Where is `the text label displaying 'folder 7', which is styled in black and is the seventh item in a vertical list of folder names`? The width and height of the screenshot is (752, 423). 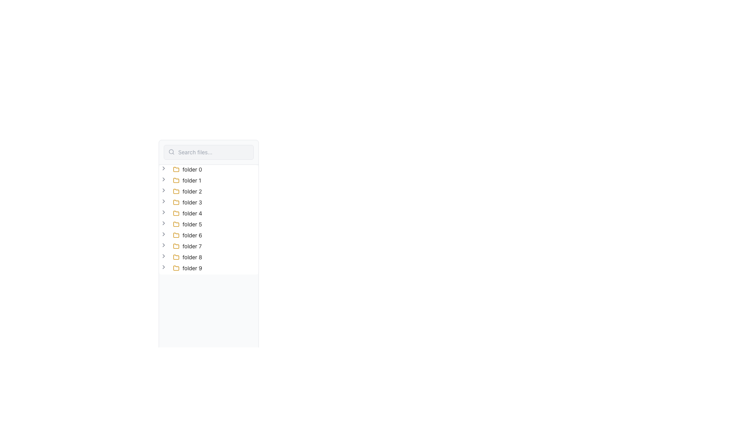 the text label displaying 'folder 7', which is styled in black and is the seventh item in a vertical list of folder names is located at coordinates (192, 246).